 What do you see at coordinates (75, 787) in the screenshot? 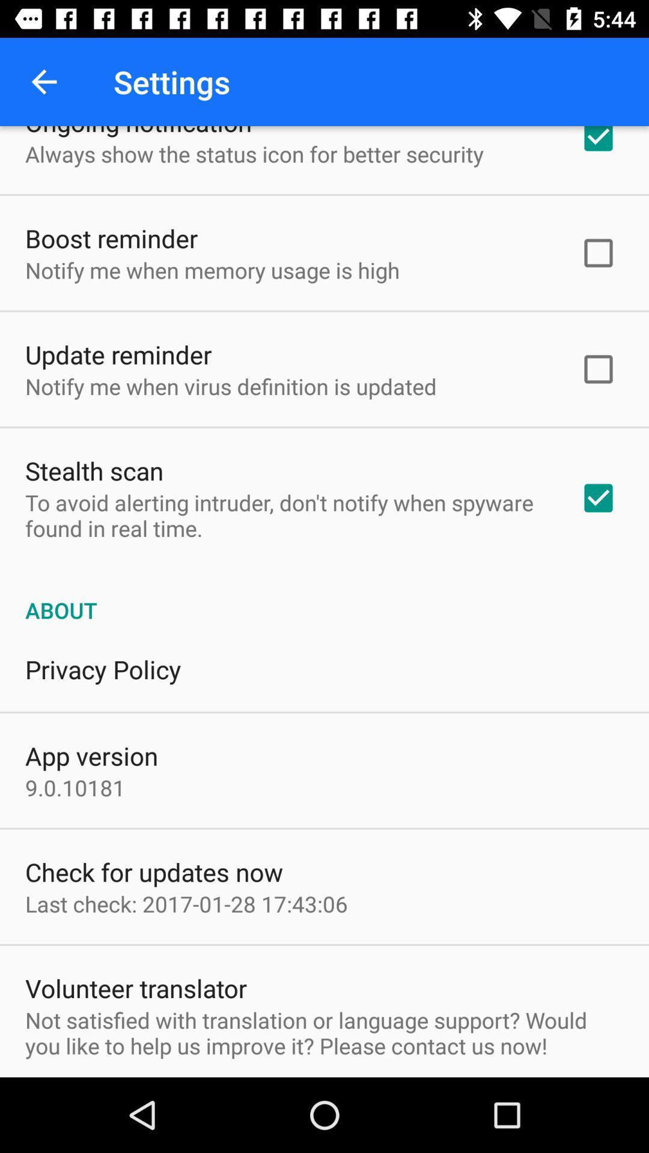
I see `the item below app version` at bounding box center [75, 787].